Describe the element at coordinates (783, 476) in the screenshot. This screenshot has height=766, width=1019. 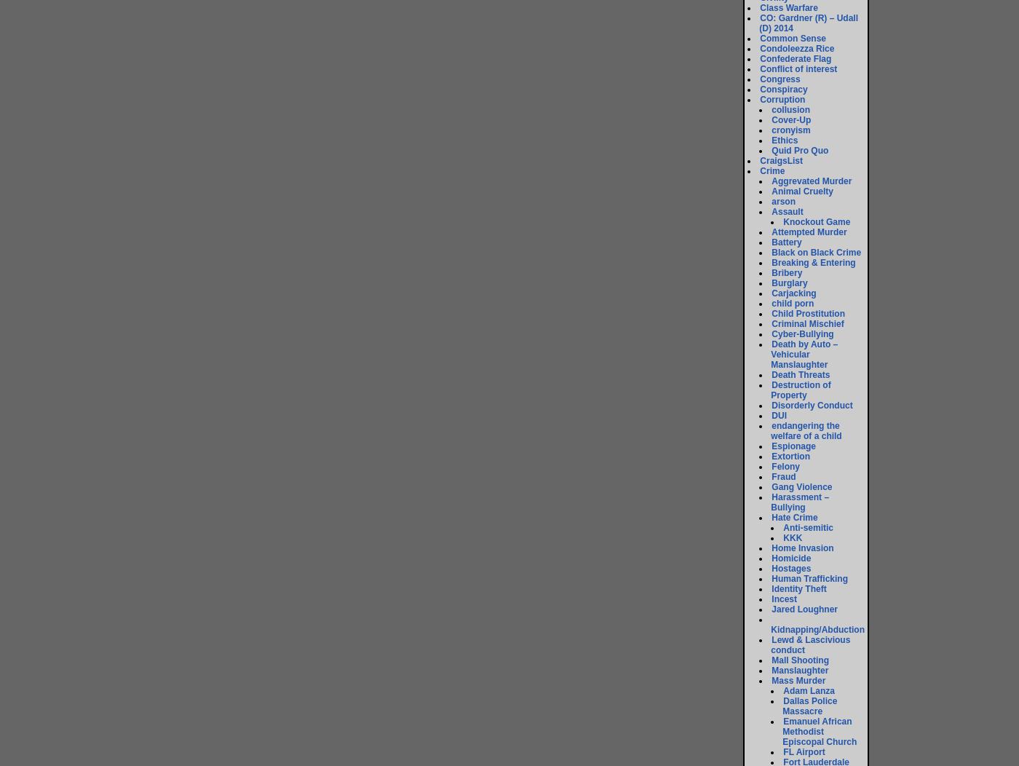
I see `'Fraud'` at that location.